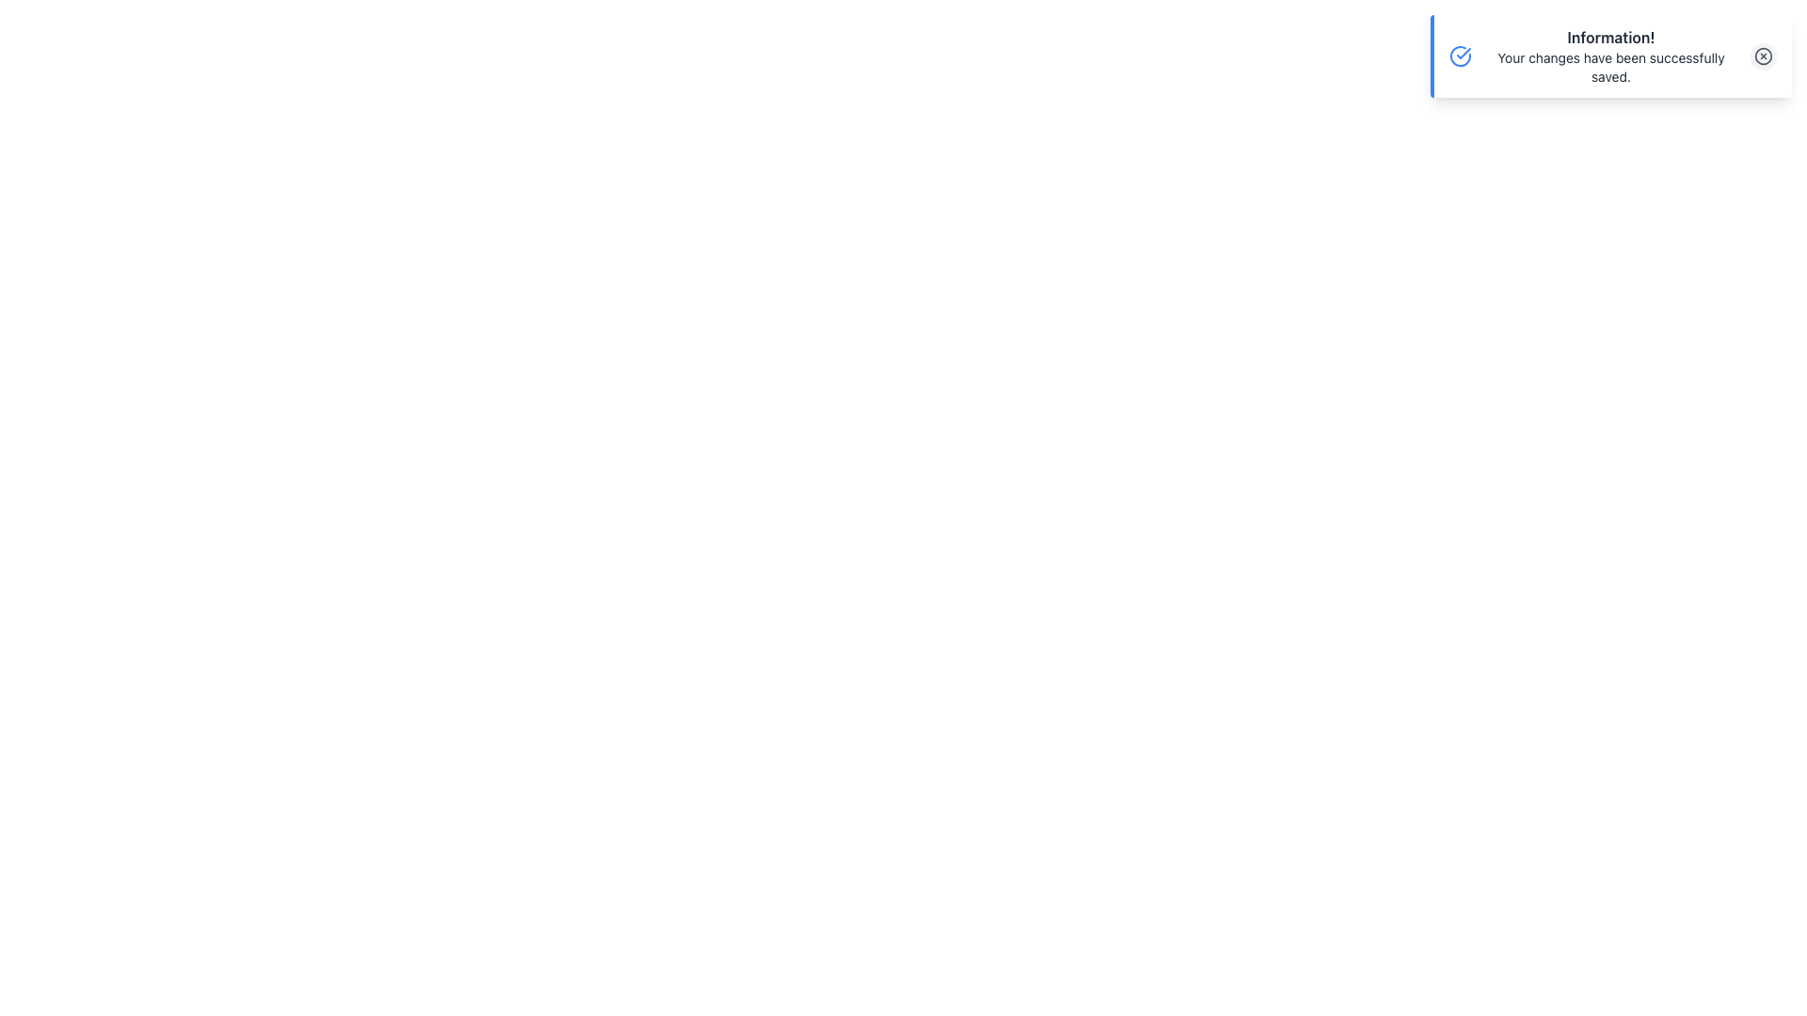 Image resolution: width=1807 pixels, height=1016 pixels. Describe the element at coordinates (1610, 37) in the screenshot. I see `bold text label displaying 'Information!' located at the top of the notification area for reading` at that location.